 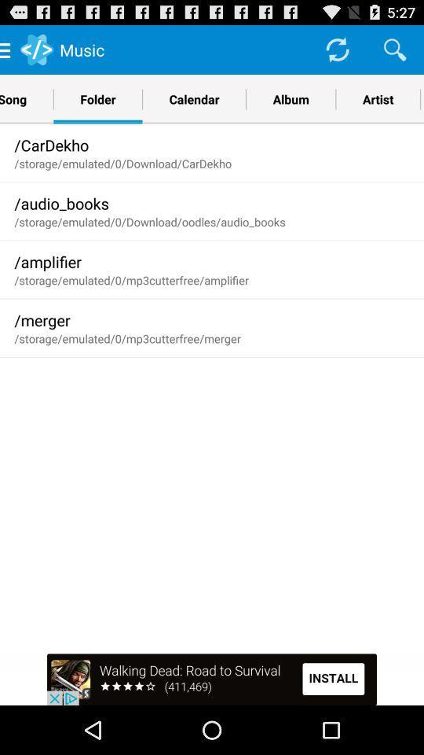 What do you see at coordinates (394, 53) in the screenshot?
I see `the search icon` at bounding box center [394, 53].